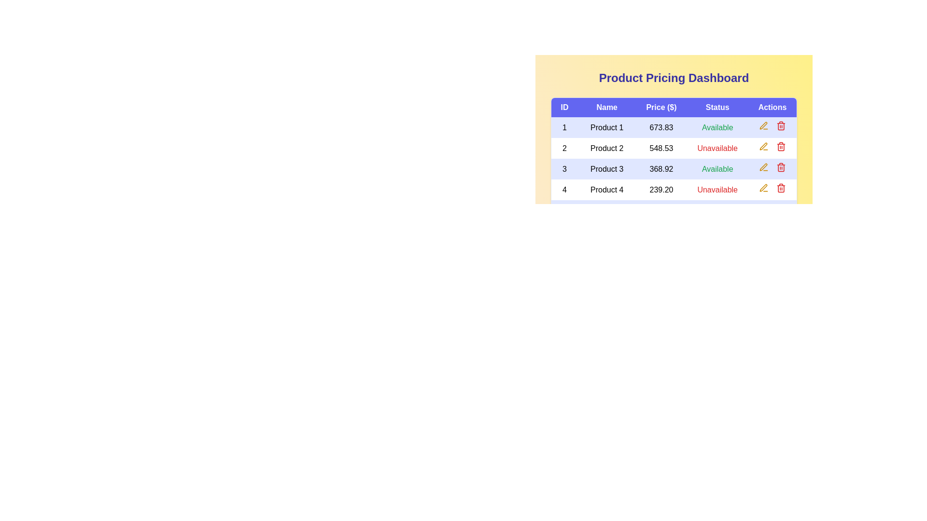 Image resolution: width=927 pixels, height=521 pixels. Describe the element at coordinates (781, 125) in the screenshot. I see `delete button for the product with ID 1` at that location.